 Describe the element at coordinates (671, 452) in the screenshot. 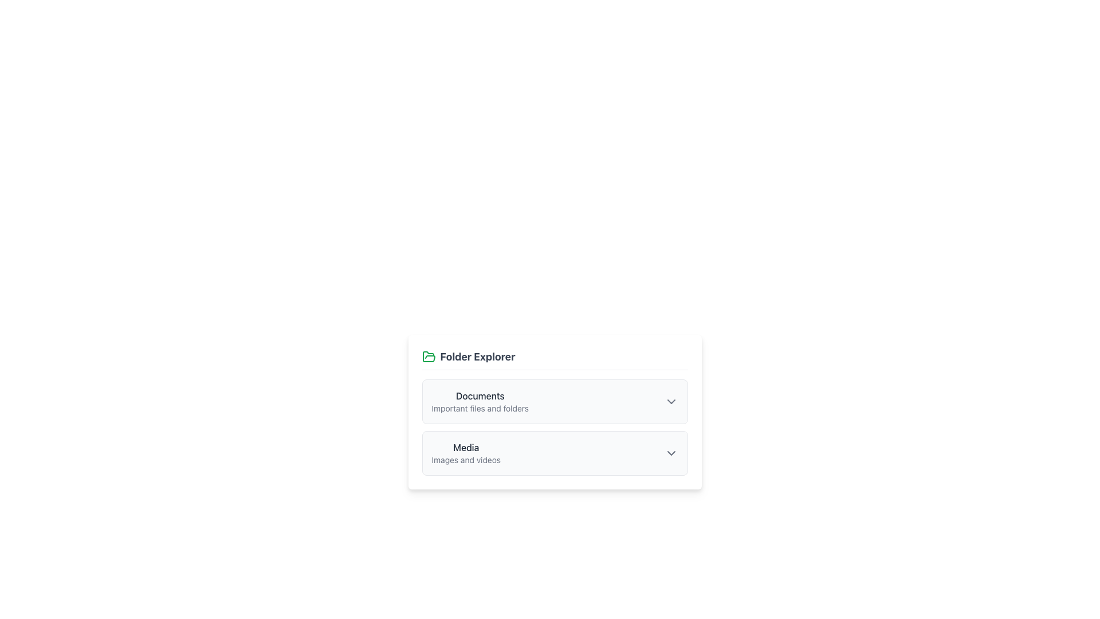

I see `the gray downward-pointing chevron icon located at the right edge of the 'Media' button` at that location.